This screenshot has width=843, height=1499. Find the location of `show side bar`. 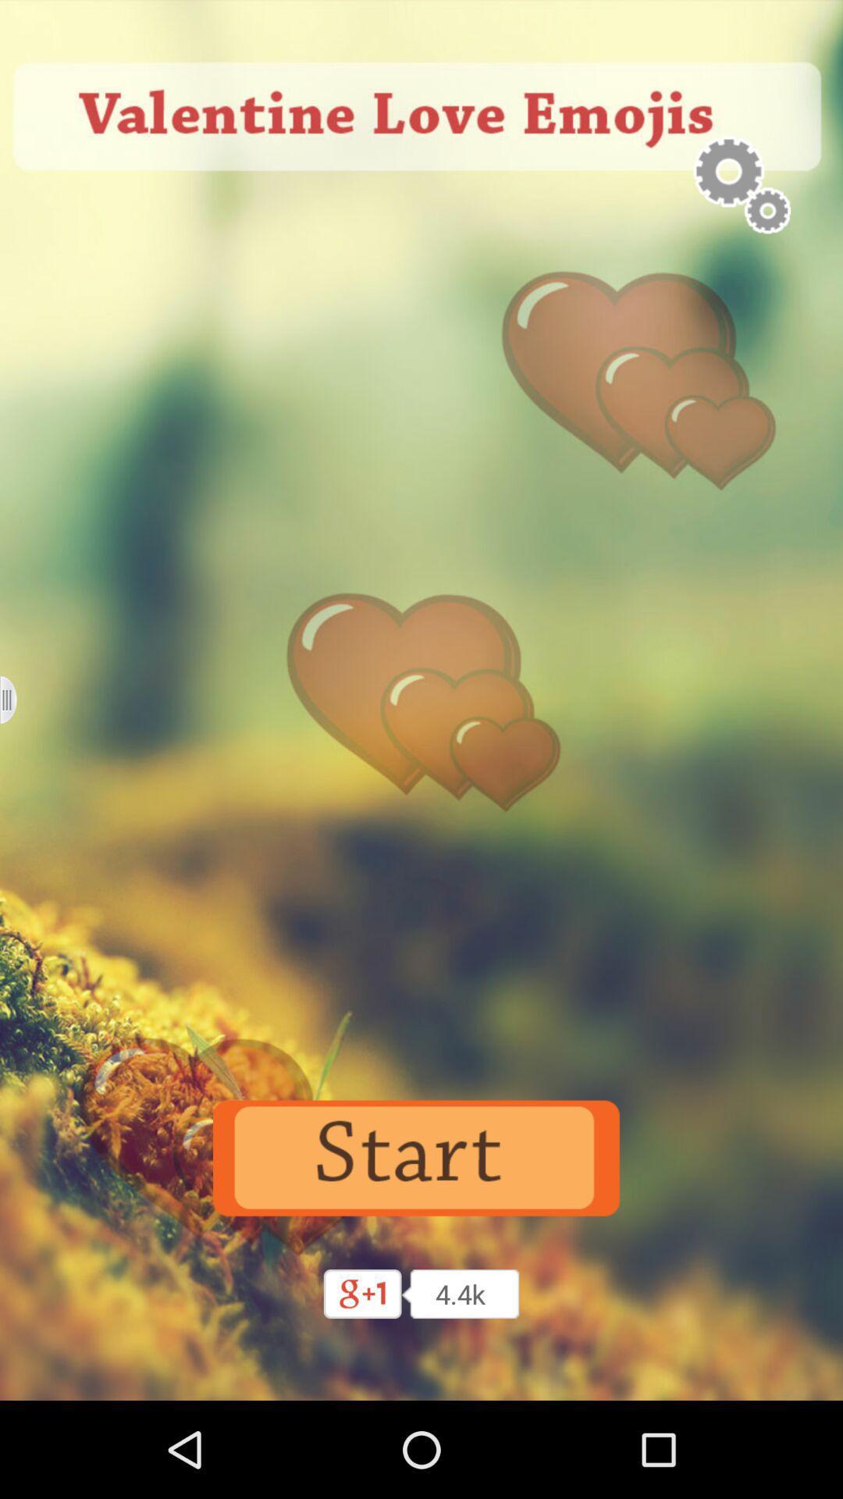

show side bar is located at coordinates (18, 699).